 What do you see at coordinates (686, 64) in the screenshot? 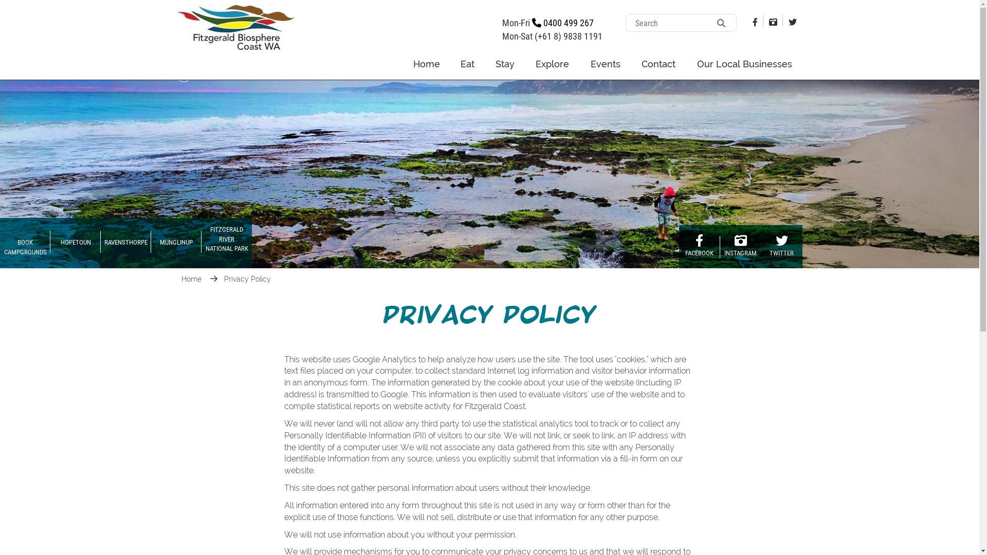
I see `'Our Local Businesses'` at bounding box center [686, 64].